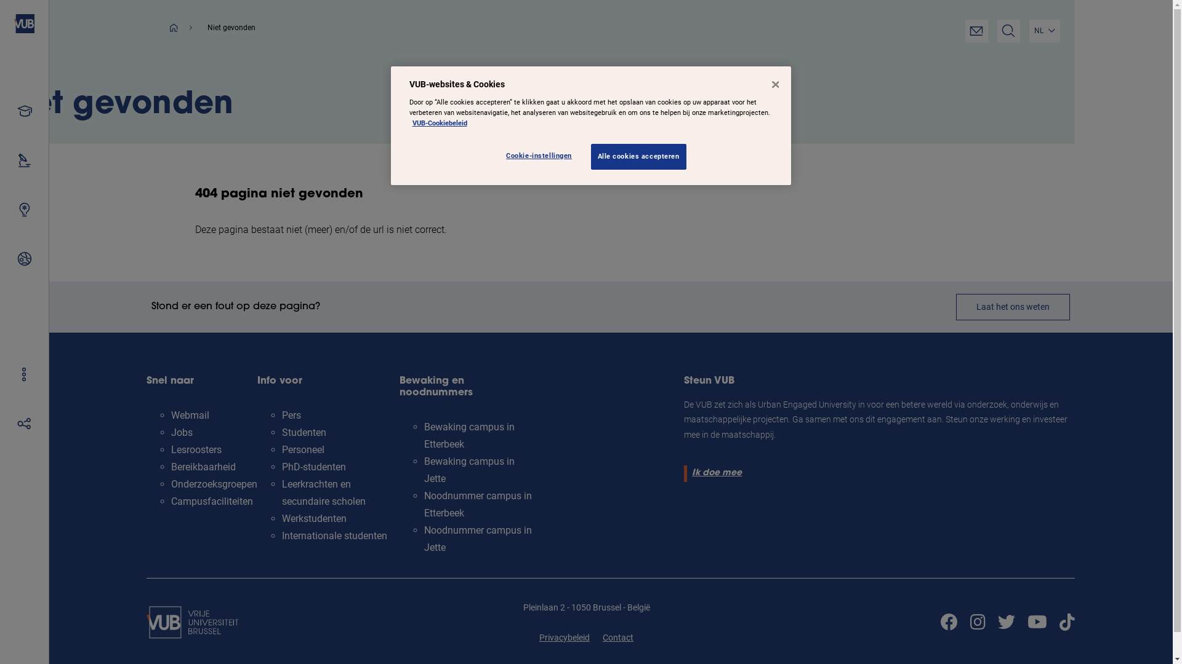  I want to click on 'Open de facebook pagina van VUB', so click(948, 622).